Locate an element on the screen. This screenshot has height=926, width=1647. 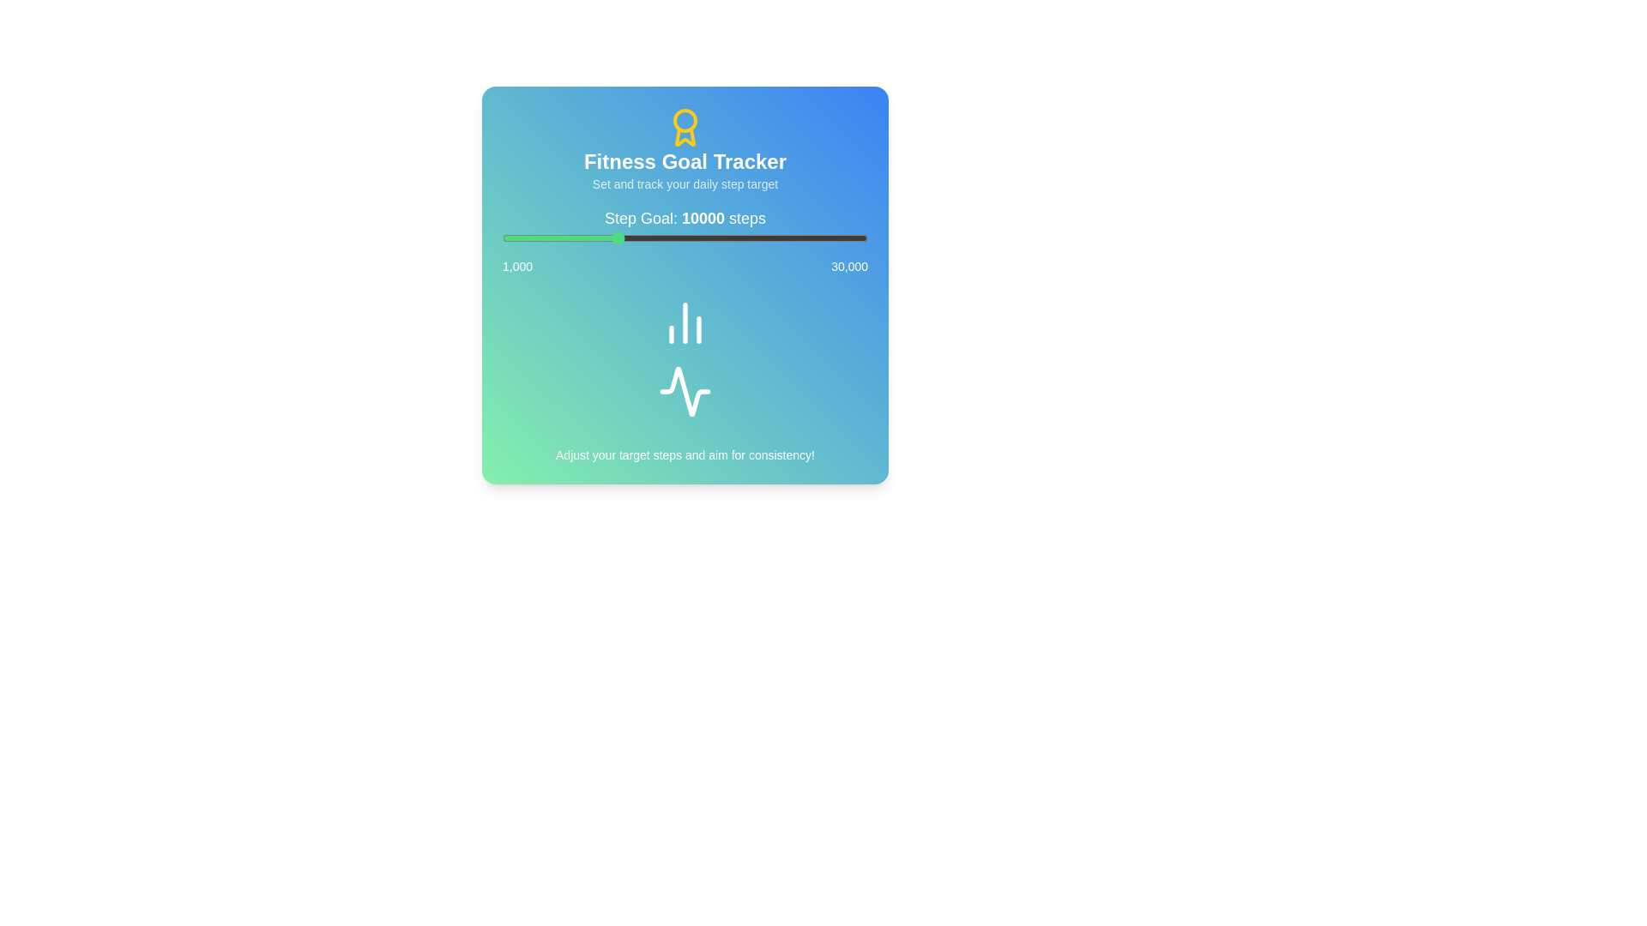
the step goal to 29057 steps using the slider is located at coordinates (856, 238).